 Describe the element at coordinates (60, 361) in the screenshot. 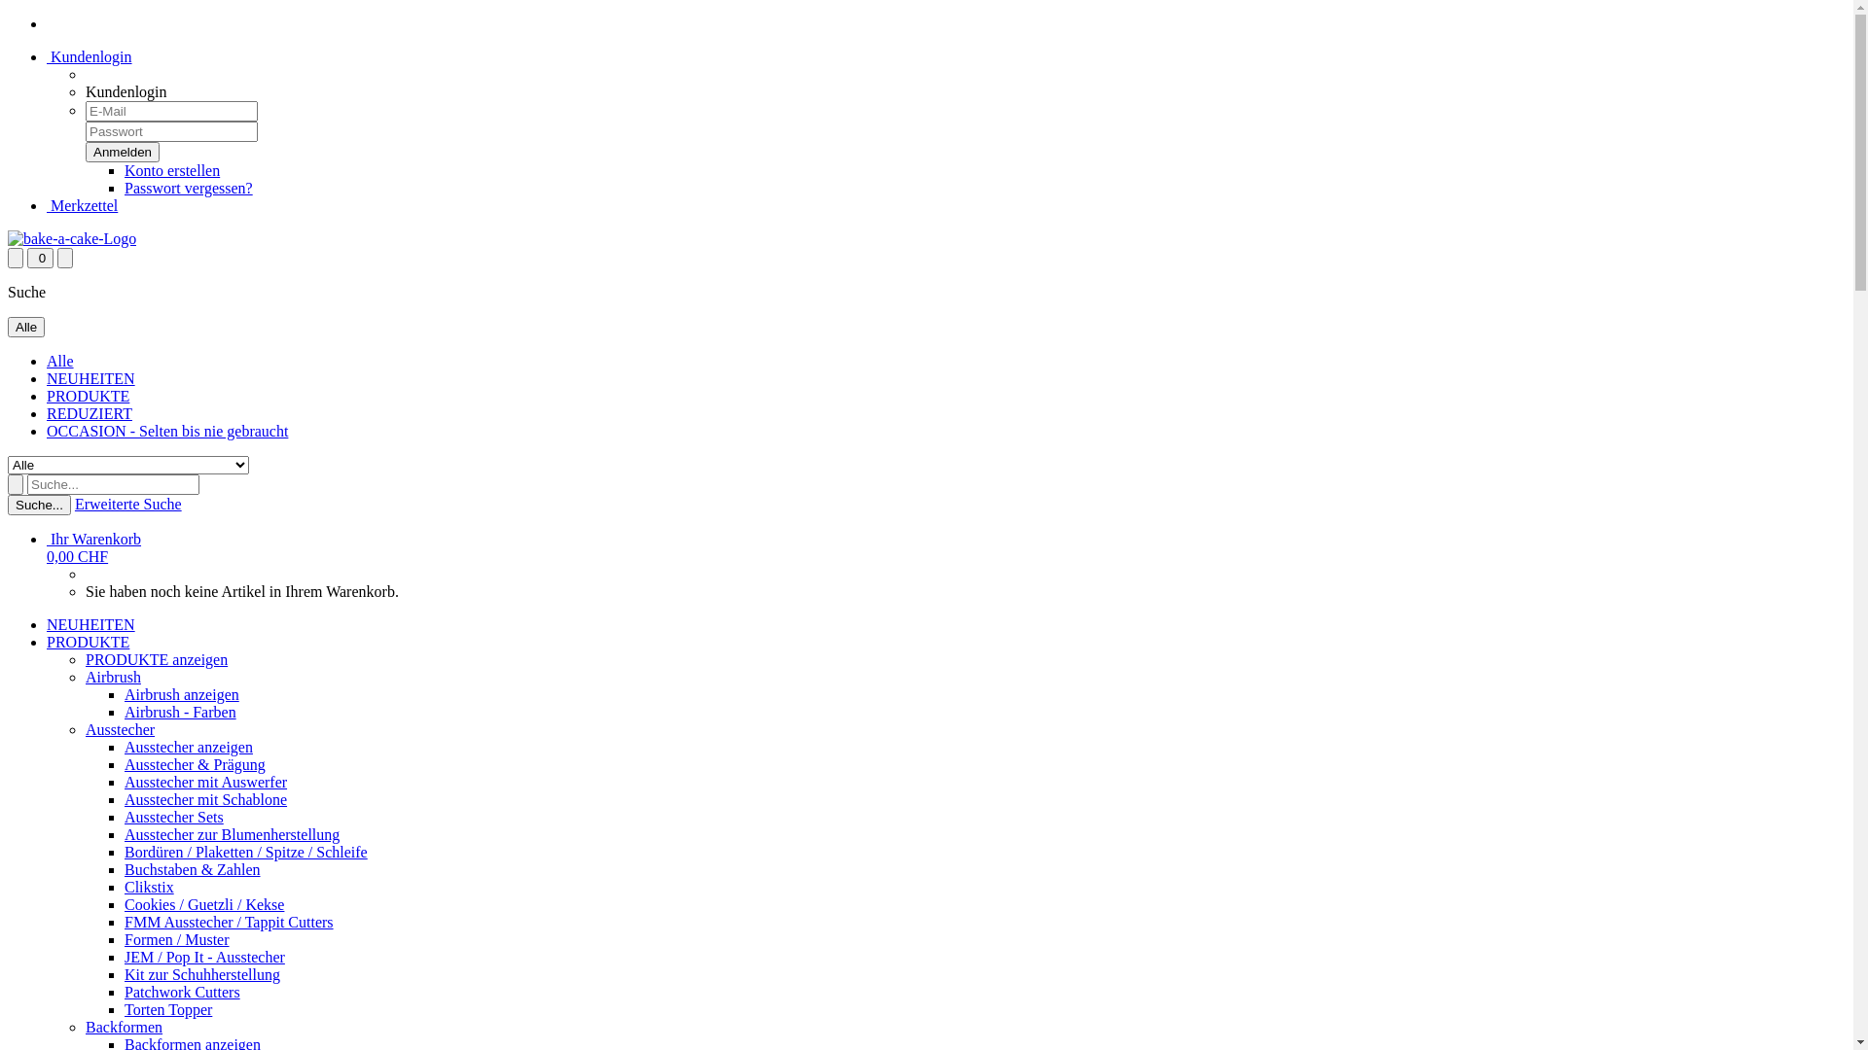

I see `'Alle'` at that location.